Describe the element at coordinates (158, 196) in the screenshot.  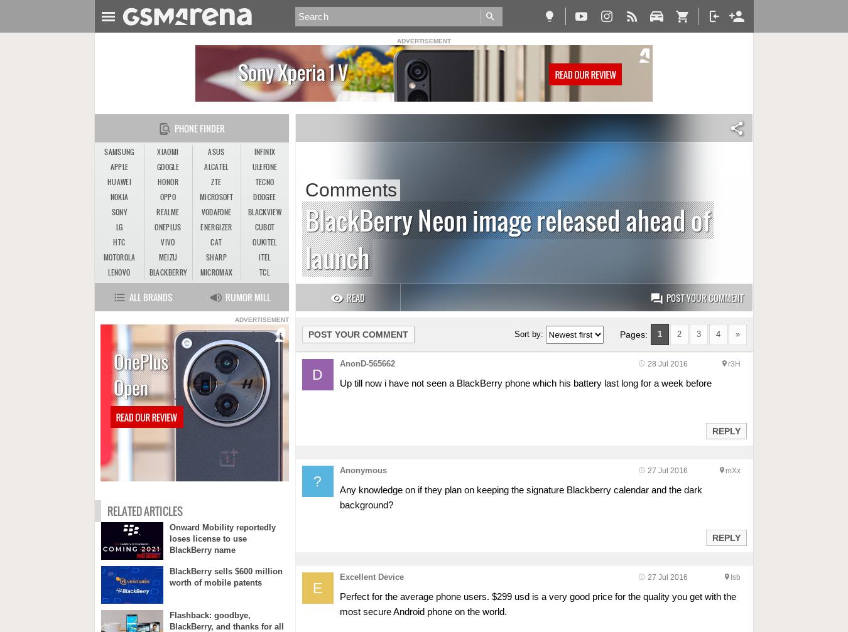
I see `'Oppo'` at that location.